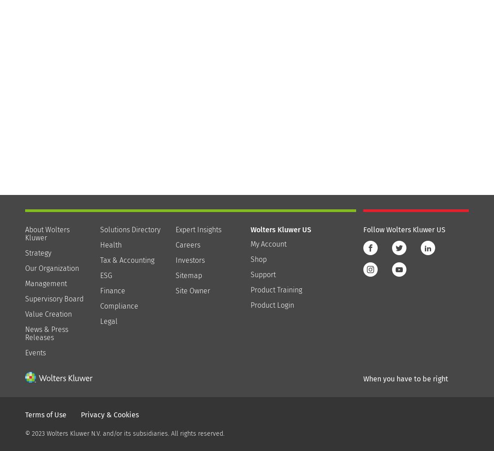  Describe the element at coordinates (124, 433) in the screenshot. I see `'© 2023 Wolters Kluwer N.V. and/or its subsidiaries. All rights reserved.'` at that location.